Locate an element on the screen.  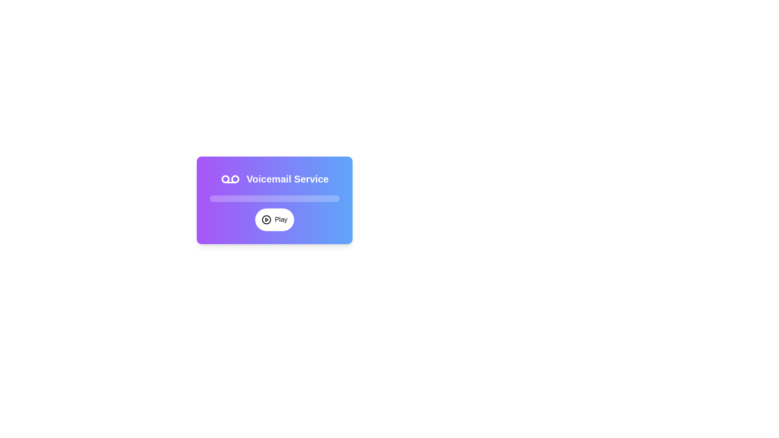
the Text Label indicating the voicemail service, located to the right of the voicemail icon and positioned at the upper section of the interface card is located at coordinates (288, 179).